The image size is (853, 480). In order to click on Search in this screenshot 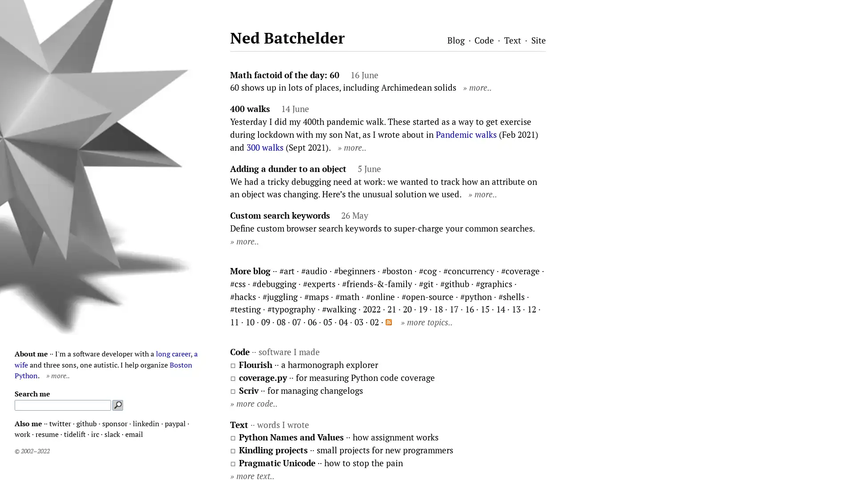, I will do `click(117, 405)`.